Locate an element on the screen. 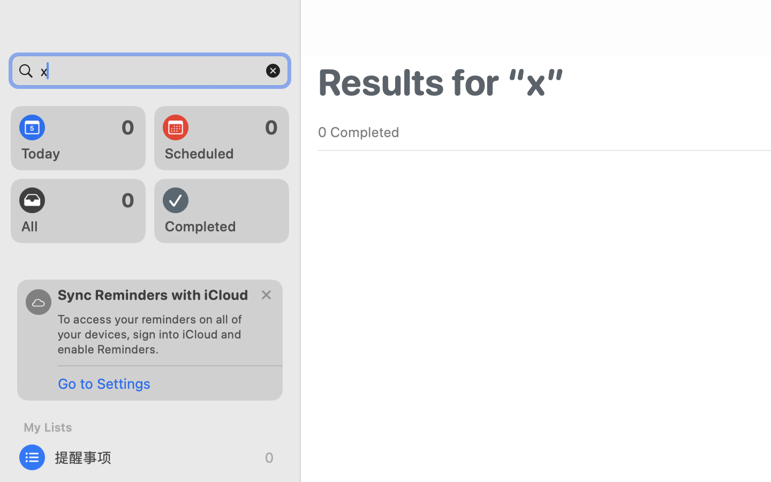 The image size is (771, 482). '提醒事项' is located at coordinates (149, 457).